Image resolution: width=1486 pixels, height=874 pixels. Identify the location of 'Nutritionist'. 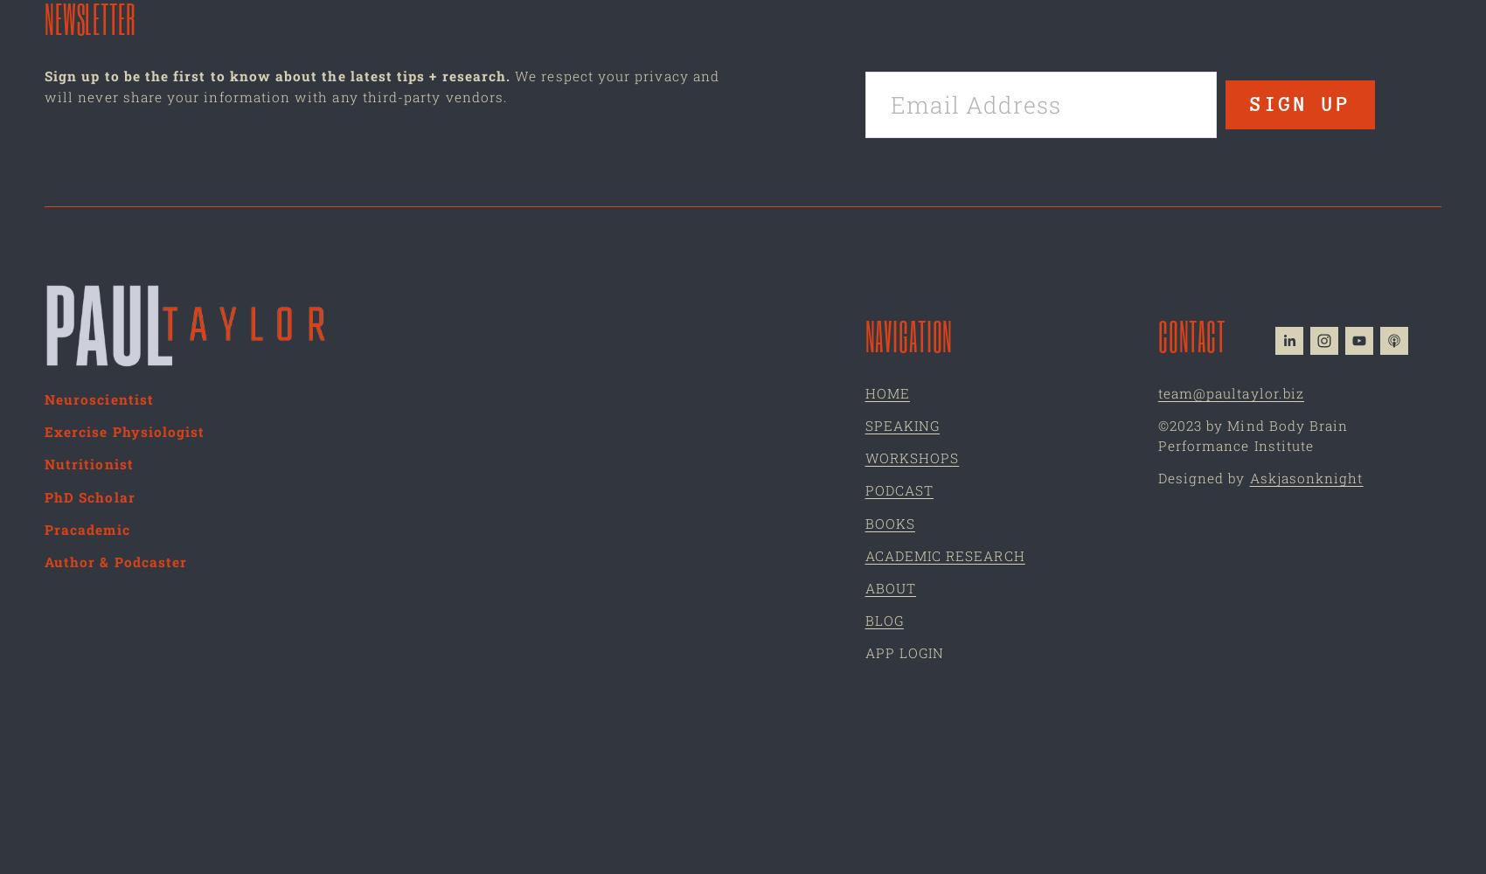
(45, 464).